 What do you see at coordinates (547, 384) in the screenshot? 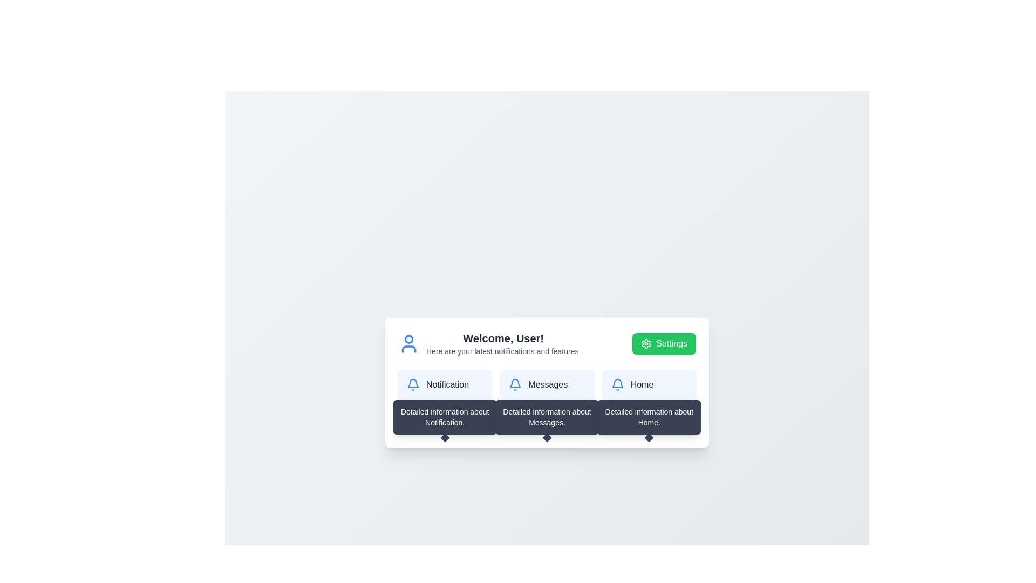
I see `the 'Messages' button, the second button in the light blue panel containing three buttons` at bounding box center [547, 384].